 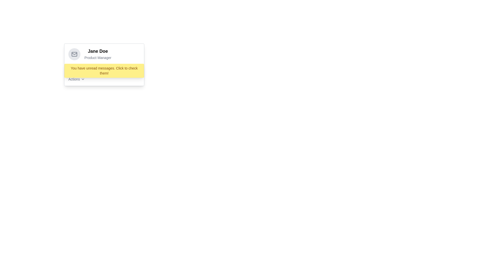 What do you see at coordinates (83, 79) in the screenshot?
I see `the downward-pointing chevron icon located immediately to the right of the 'Actions' text` at bounding box center [83, 79].